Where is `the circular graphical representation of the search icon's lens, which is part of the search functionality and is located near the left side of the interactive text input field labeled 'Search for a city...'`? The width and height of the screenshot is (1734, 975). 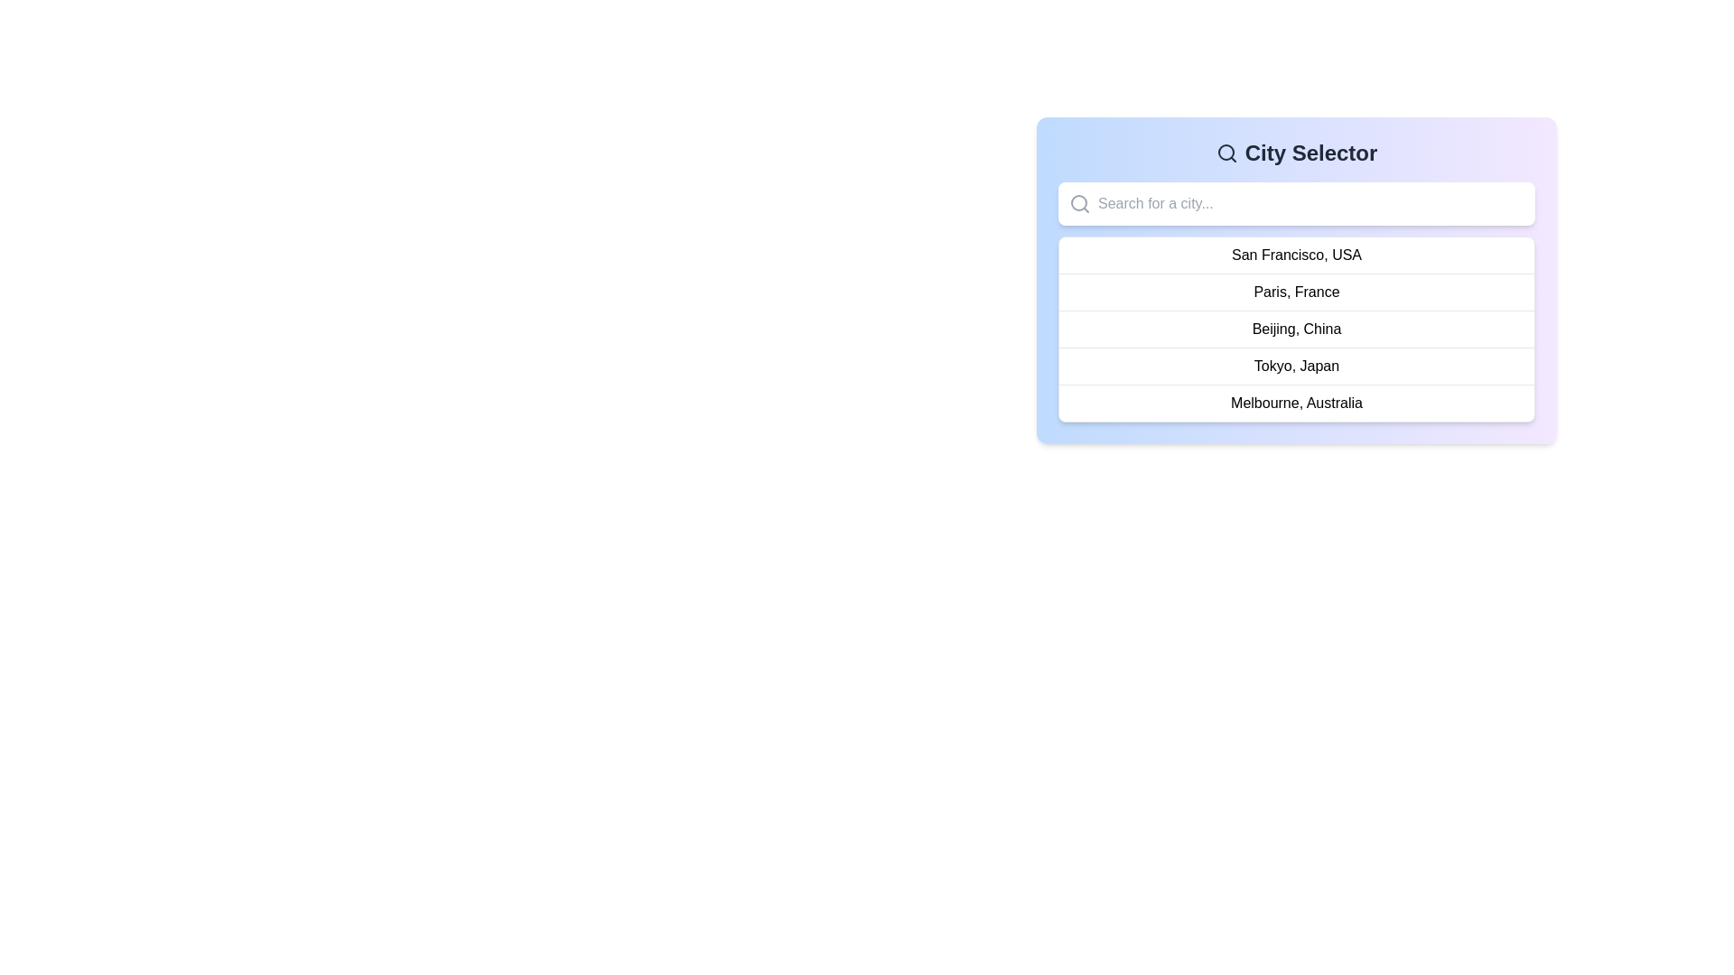
the circular graphical representation of the search icon's lens, which is part of the search functionality and is located near the left side of the interactive text input field labeled 'Search for a city...' is located at coordinates (1226, 152).